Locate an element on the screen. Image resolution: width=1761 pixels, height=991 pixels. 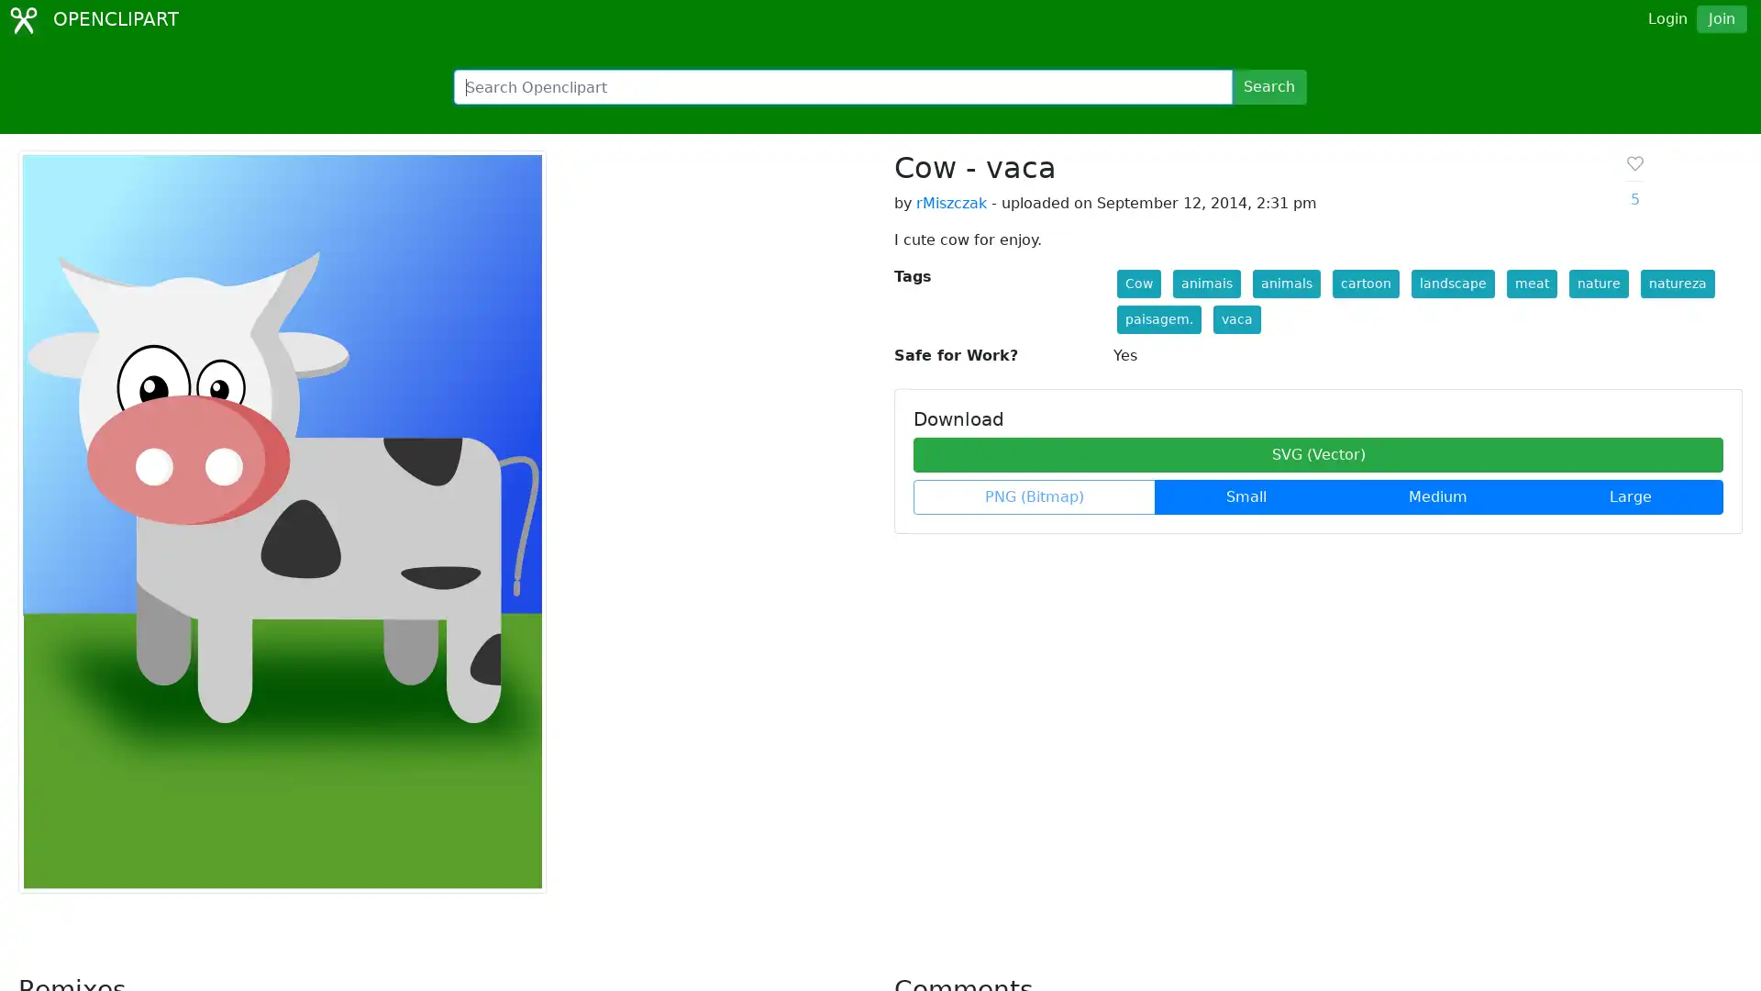
Medium is located at coordinates (1437, 497).